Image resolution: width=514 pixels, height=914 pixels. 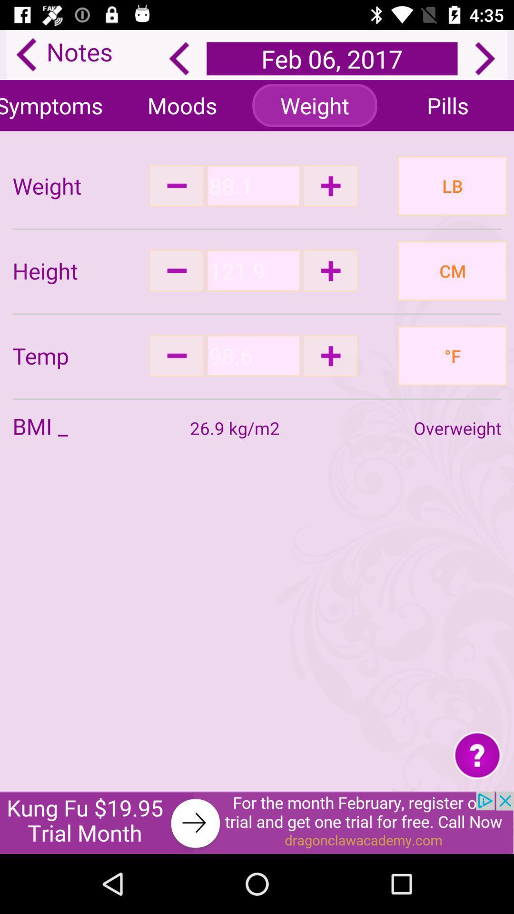 What do you see at coordinates (485, 58) in the screenshot?
I see `next` at bounding box center [485, 58].